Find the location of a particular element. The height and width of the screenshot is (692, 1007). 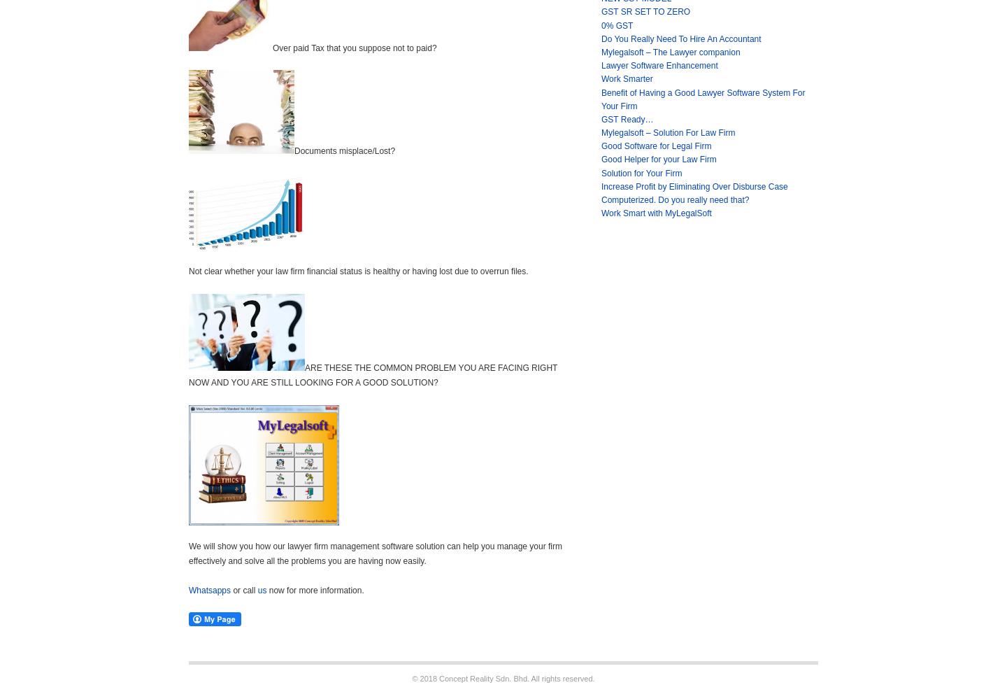

'Over paid Tax that you suppose not to paid?' is located at coordinates (354, 48).